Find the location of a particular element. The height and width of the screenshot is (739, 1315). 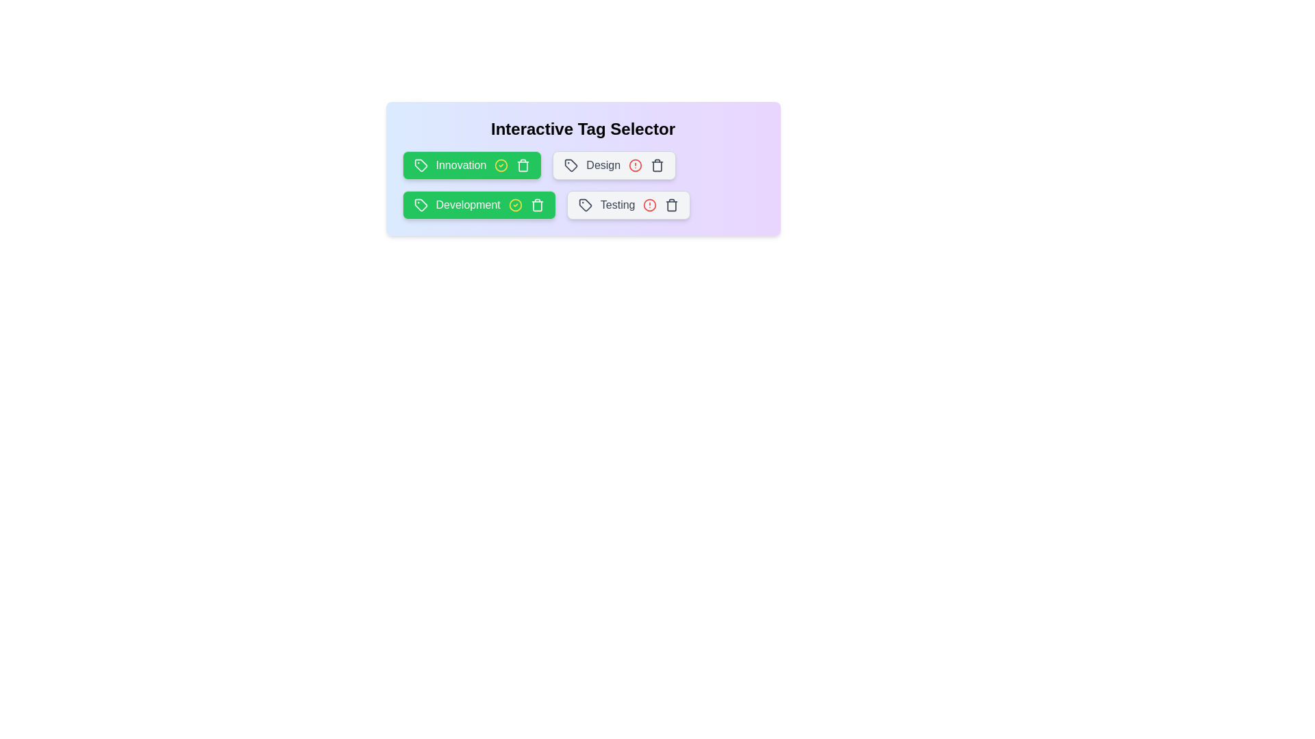

the delete button for the tag labeled Testing is located at coordinates (672, 205).